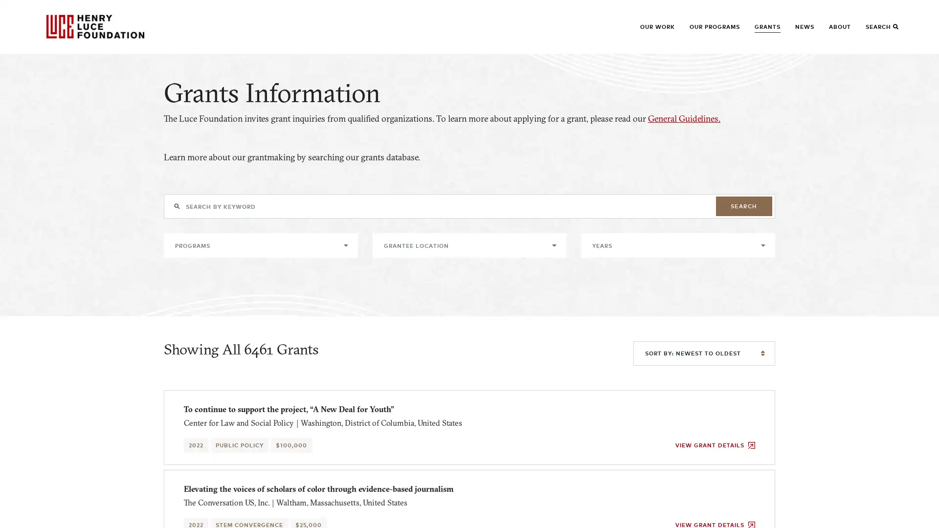 Image resolution: width=939 pixels, height=528 pixels. I want to click on SHOW SUBMENU FOR OUR PROGRAMS, so click(705, 31).